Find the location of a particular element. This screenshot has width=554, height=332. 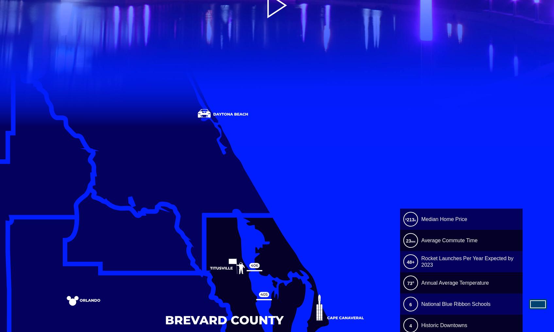

'Average Commute Time' is located at coordinates (421, 240).